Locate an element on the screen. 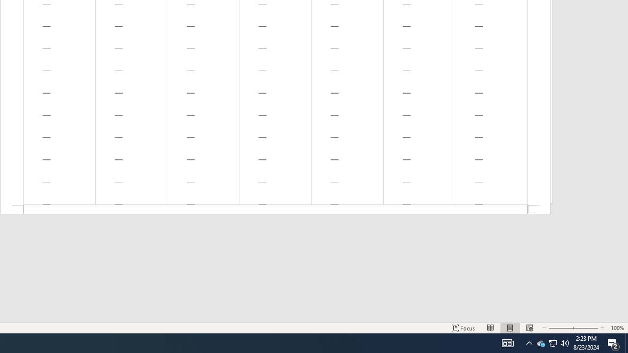  'Read Mode' is located at coordinates (491, 328).